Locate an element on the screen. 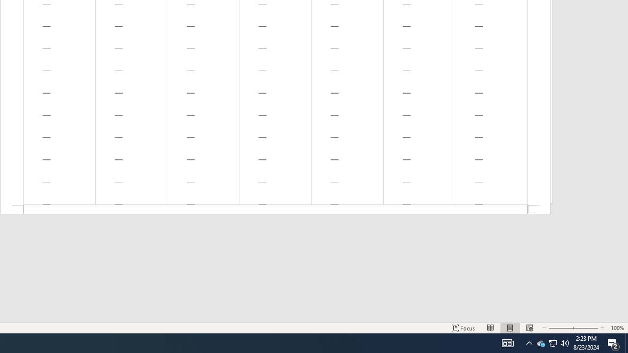  'Read Mode' is located at coordinates (491, 328).